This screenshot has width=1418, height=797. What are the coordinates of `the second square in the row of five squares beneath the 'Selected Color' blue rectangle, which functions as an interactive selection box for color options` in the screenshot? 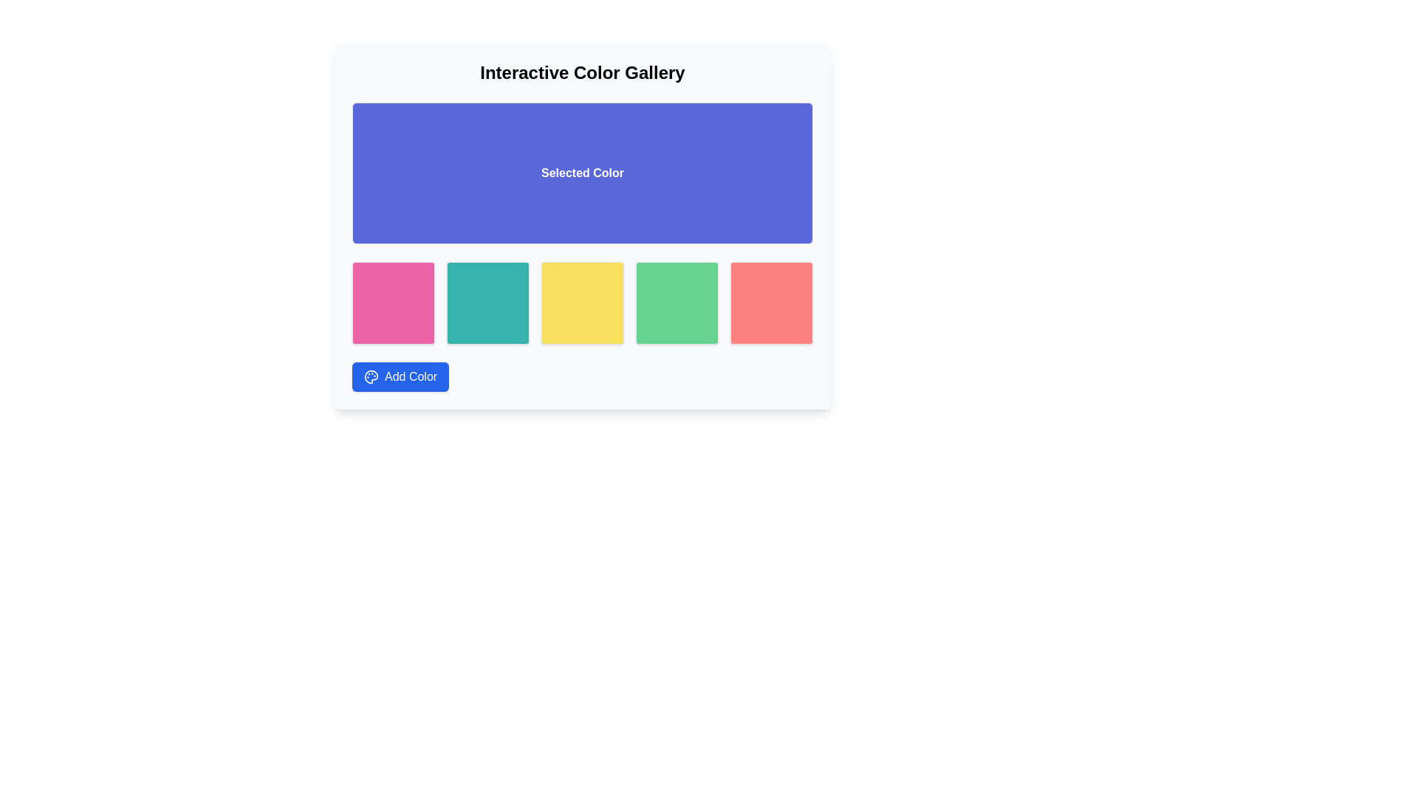 It's located at (488, 303).